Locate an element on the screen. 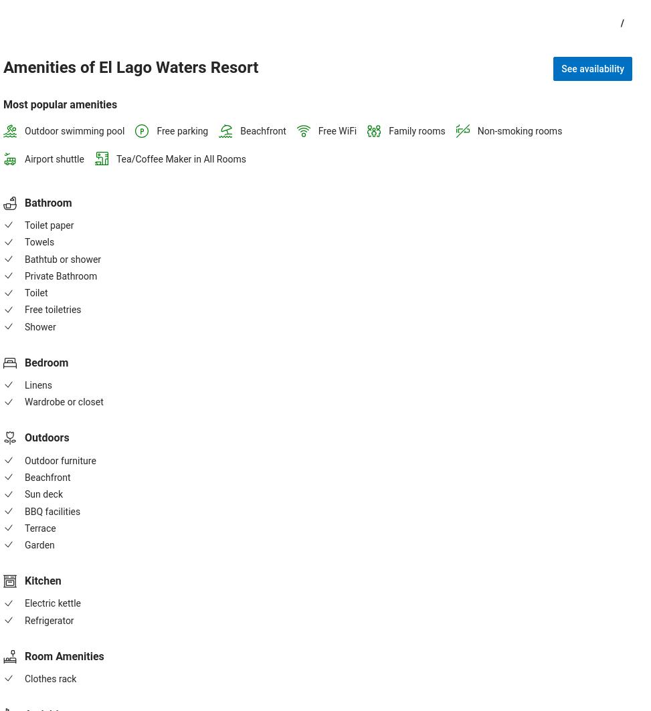  'BBQ facilities' is located at coordinates (52, 510).